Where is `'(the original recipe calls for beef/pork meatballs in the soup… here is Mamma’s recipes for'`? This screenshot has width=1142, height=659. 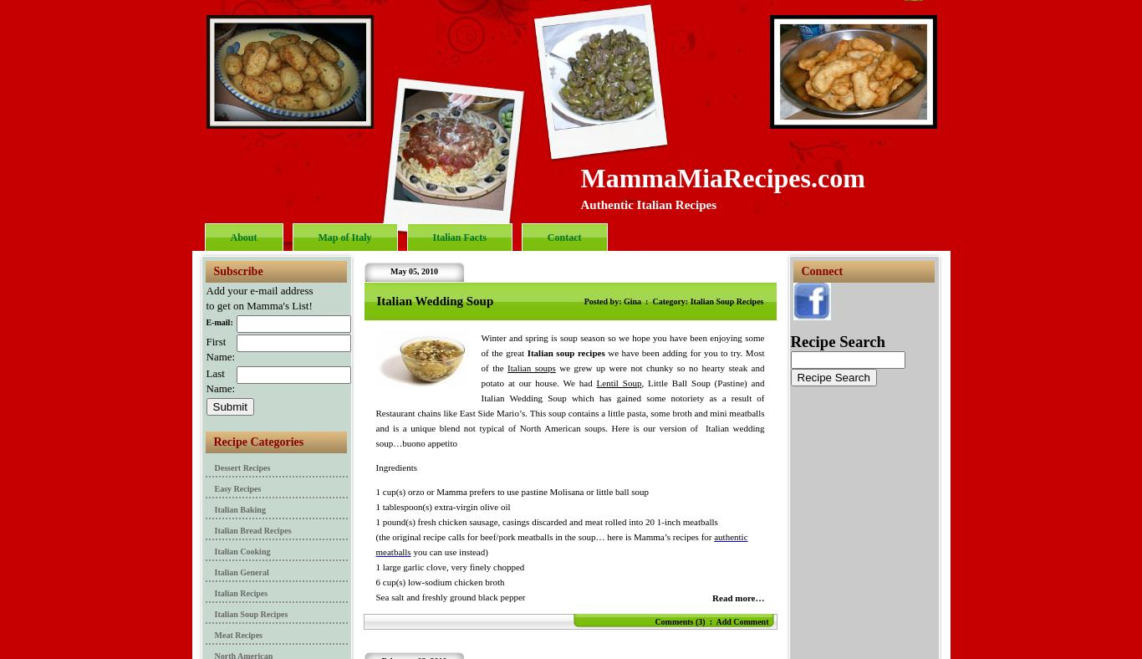 '(the original recipe calls for beef/pork meatballs in the soup… here is Mamma’s recipes for' is located at coordinates (543, 535).